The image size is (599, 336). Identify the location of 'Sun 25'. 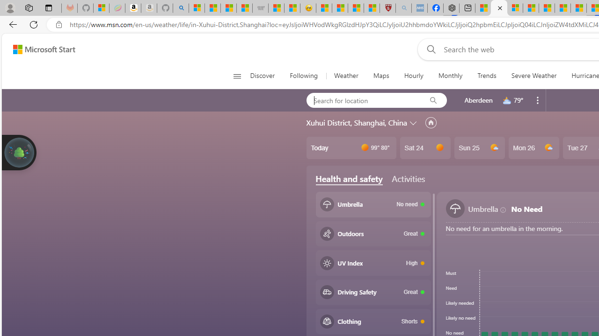
(479, 147).